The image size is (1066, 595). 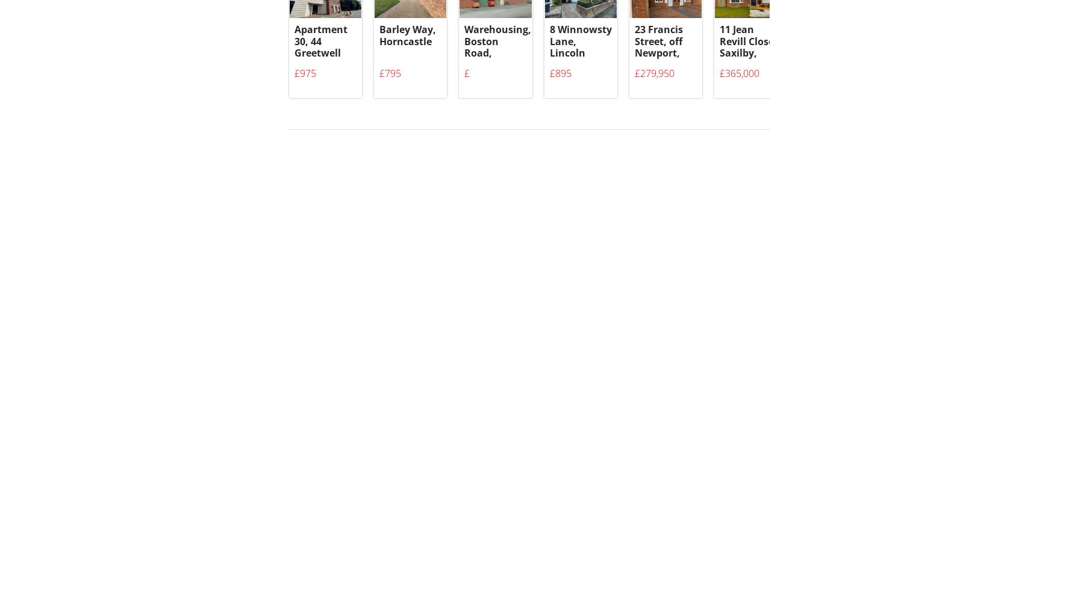 What do you see at coordinates (635, 54) in the screenshot?
I see `'23 Francis Street, off Newport, Lincoln'` at bounding box center [635, 54].